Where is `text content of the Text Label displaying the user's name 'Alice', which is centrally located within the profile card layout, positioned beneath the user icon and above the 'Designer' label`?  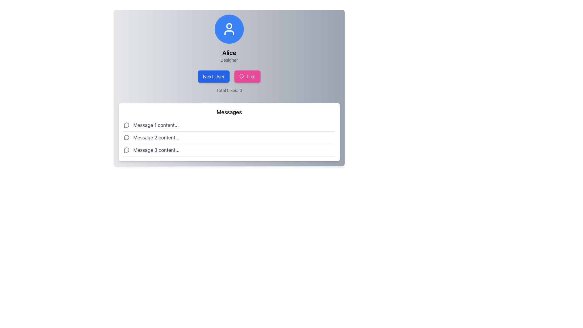 text content of the Text Label displaying the user's name 'Alice', which is centrally located within the profile card layout, positioned beneath the user icon and above the 'Designer' label is located at coordinates (229, 52).